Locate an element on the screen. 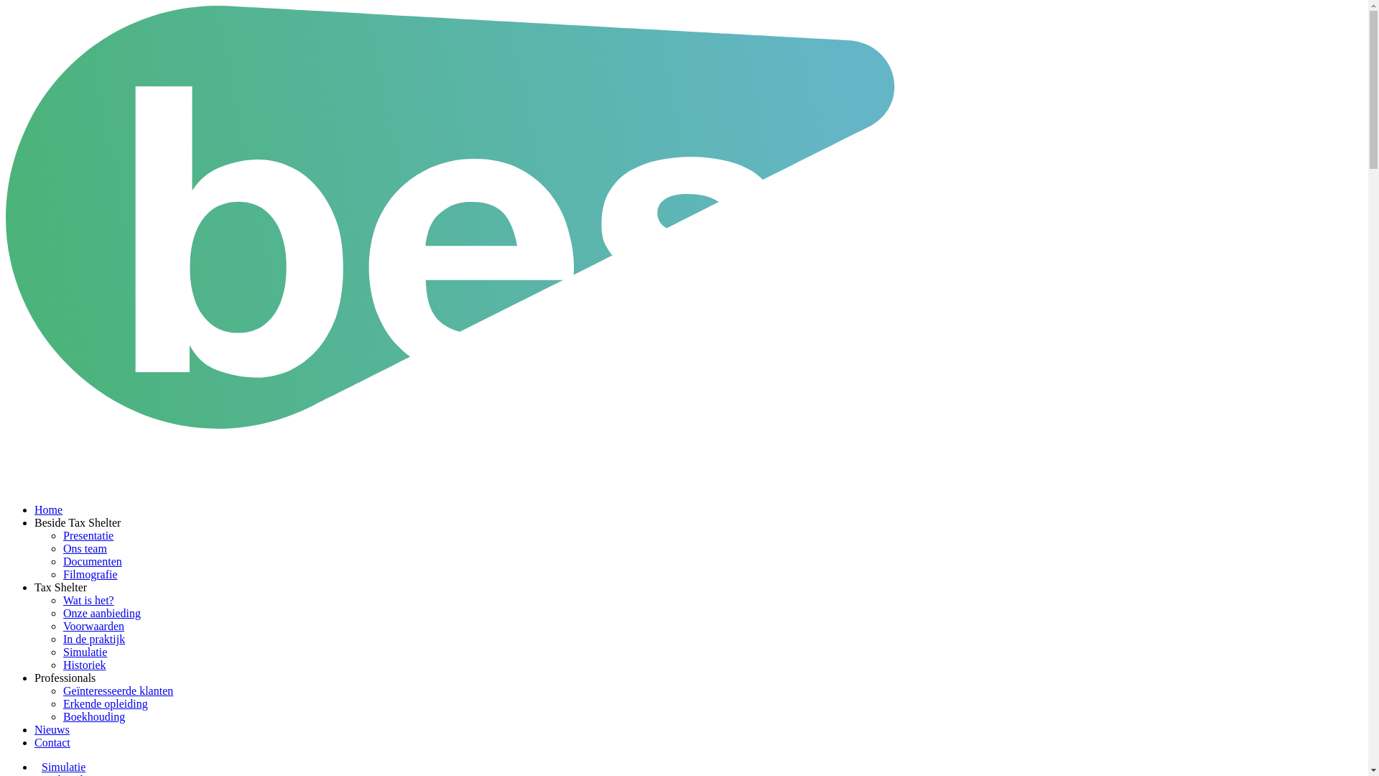  'Voorwaarden' is located at coordinates (93, 625).